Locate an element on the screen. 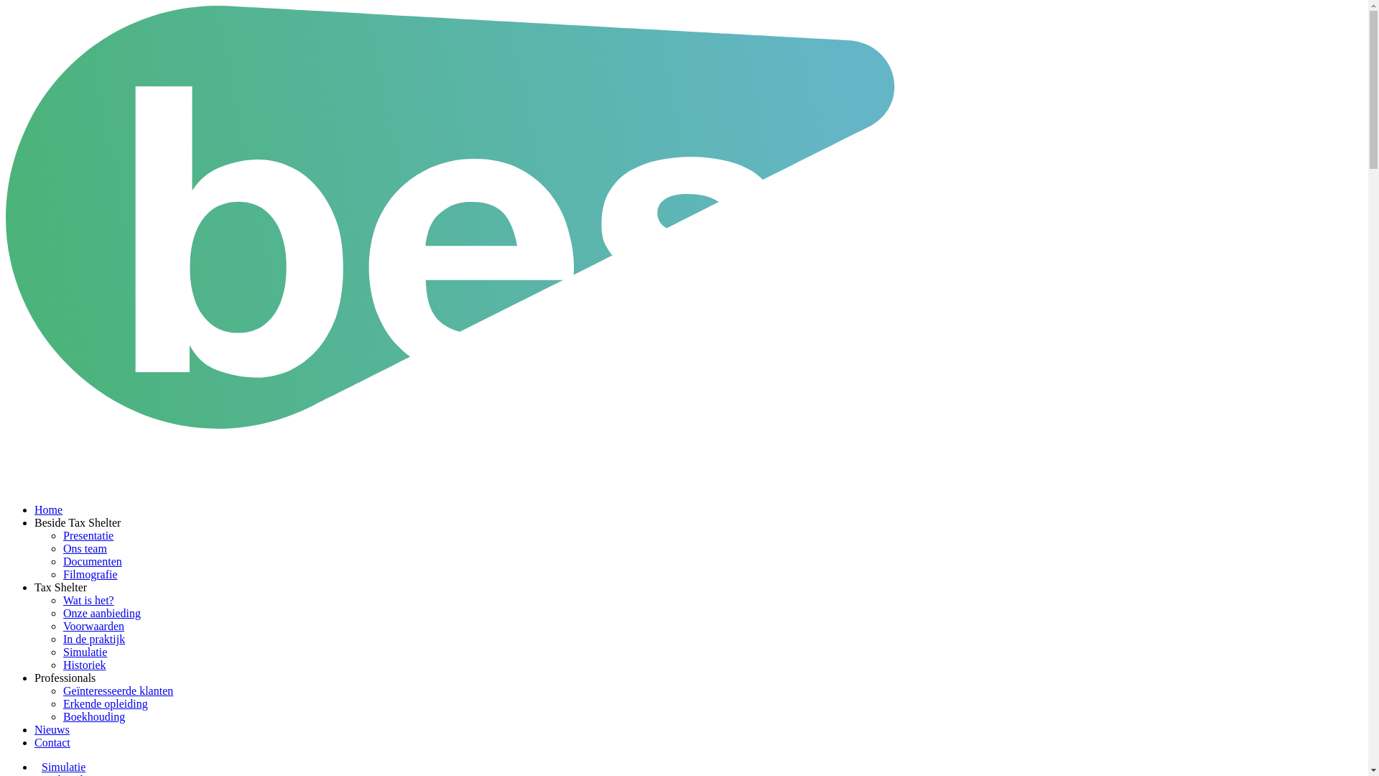  'Voorwaarden' is located at coordinates (93, 625).